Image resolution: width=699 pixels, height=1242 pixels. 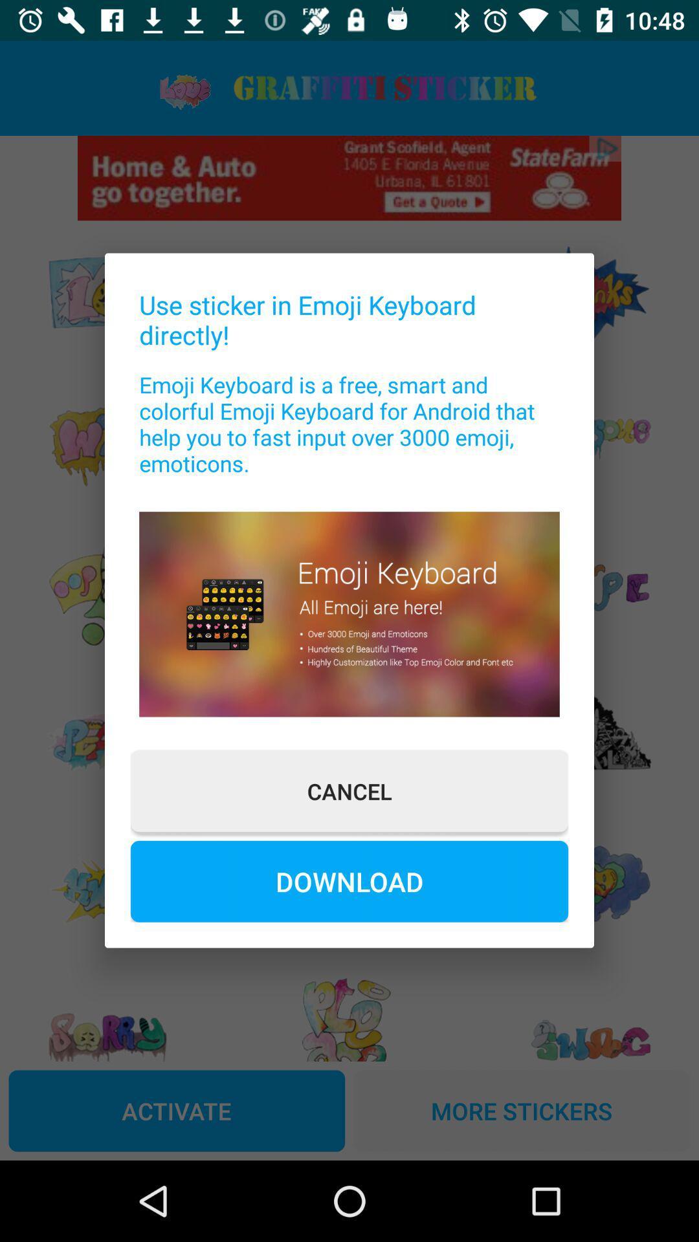 I want to click on icon below the cancel icon, so click(x=349, y=880).